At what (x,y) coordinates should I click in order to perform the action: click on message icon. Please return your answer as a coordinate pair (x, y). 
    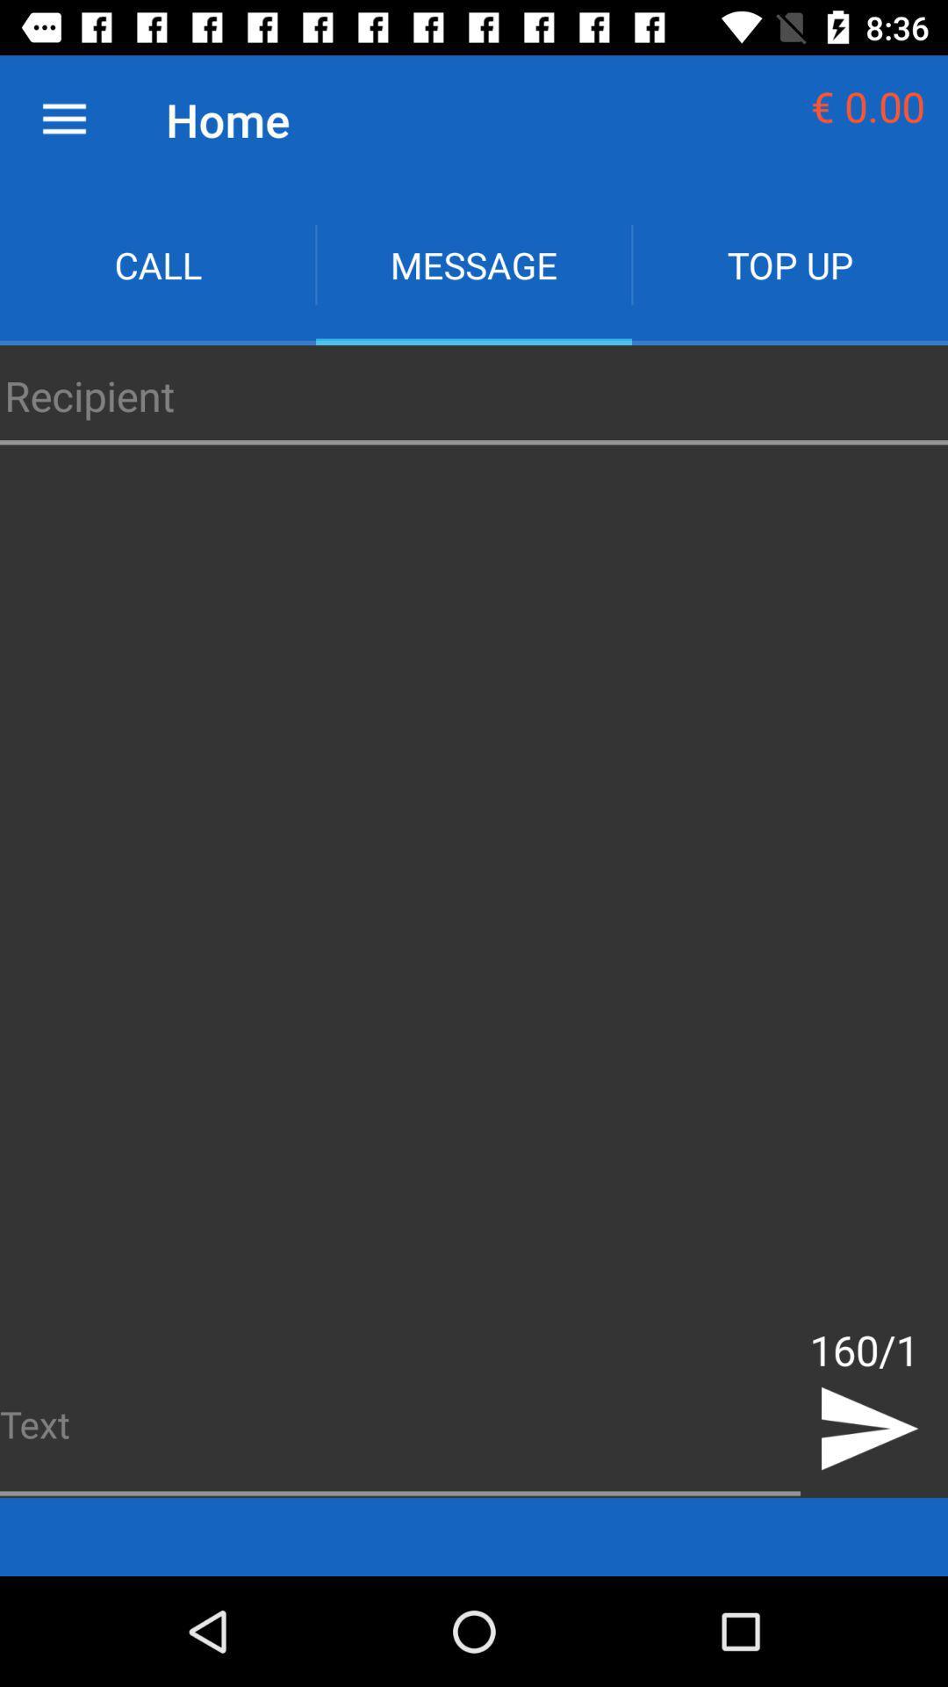
    Looking at the image, I should click on (474, 264).